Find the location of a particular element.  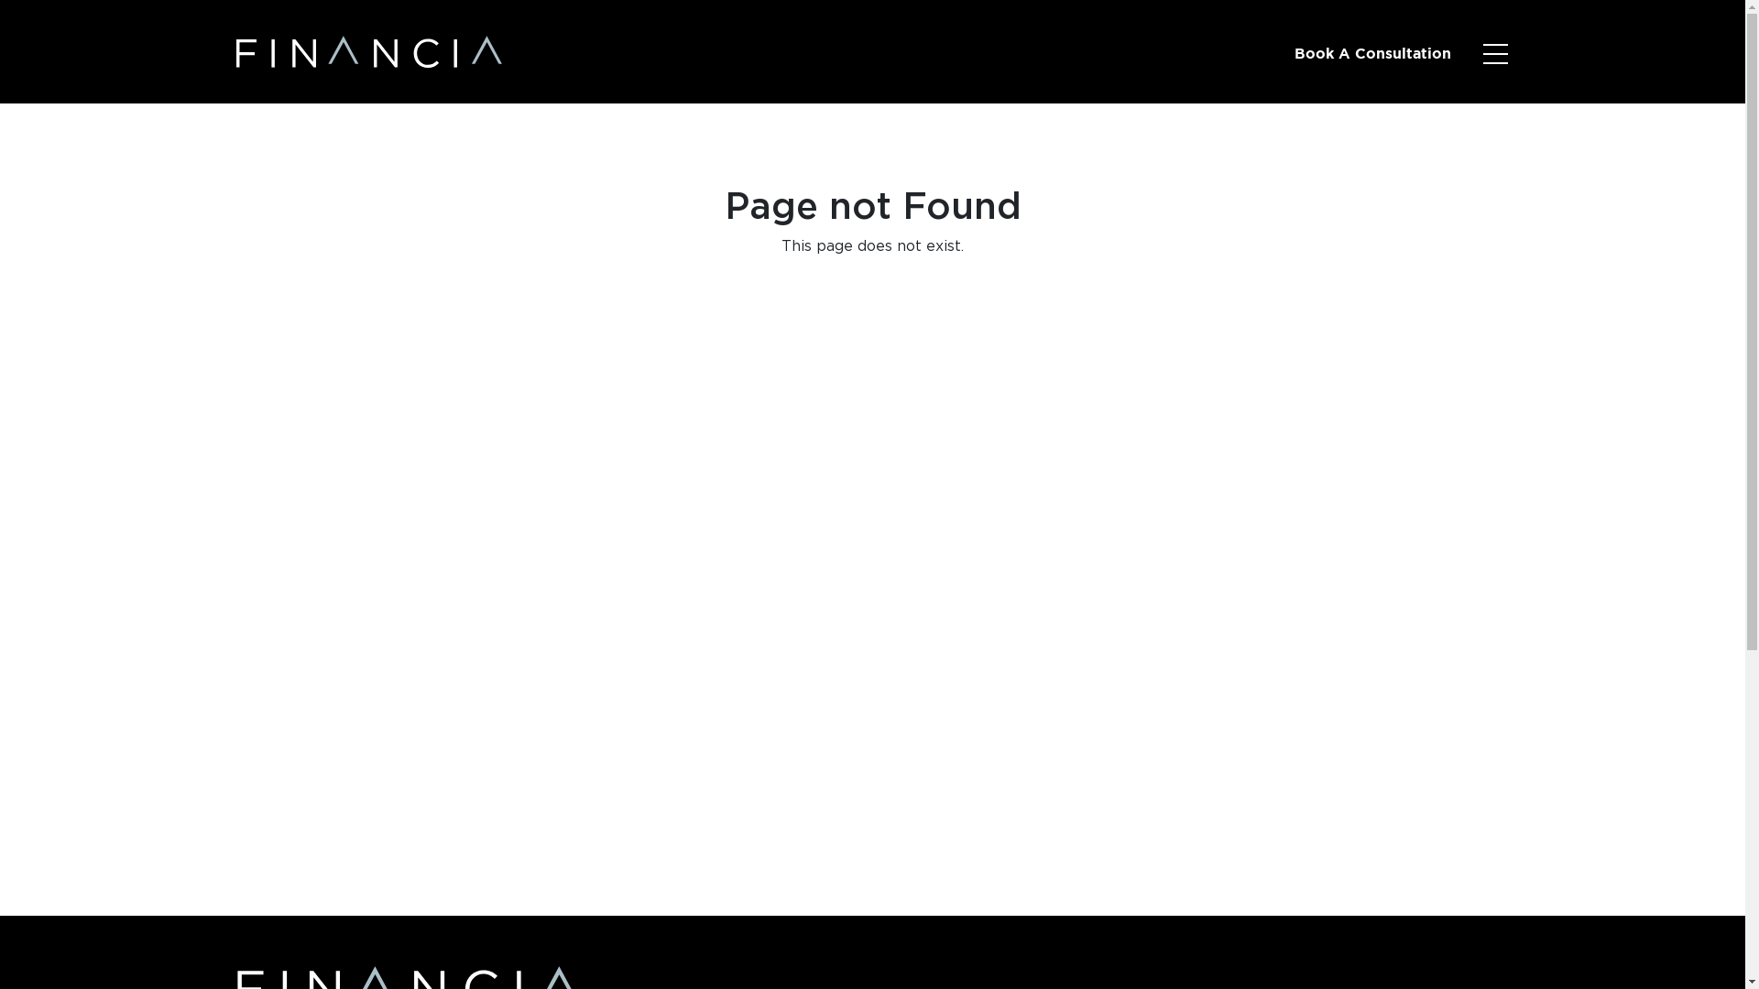

'Book A Consultation' is located at coordinates (1371, 54).